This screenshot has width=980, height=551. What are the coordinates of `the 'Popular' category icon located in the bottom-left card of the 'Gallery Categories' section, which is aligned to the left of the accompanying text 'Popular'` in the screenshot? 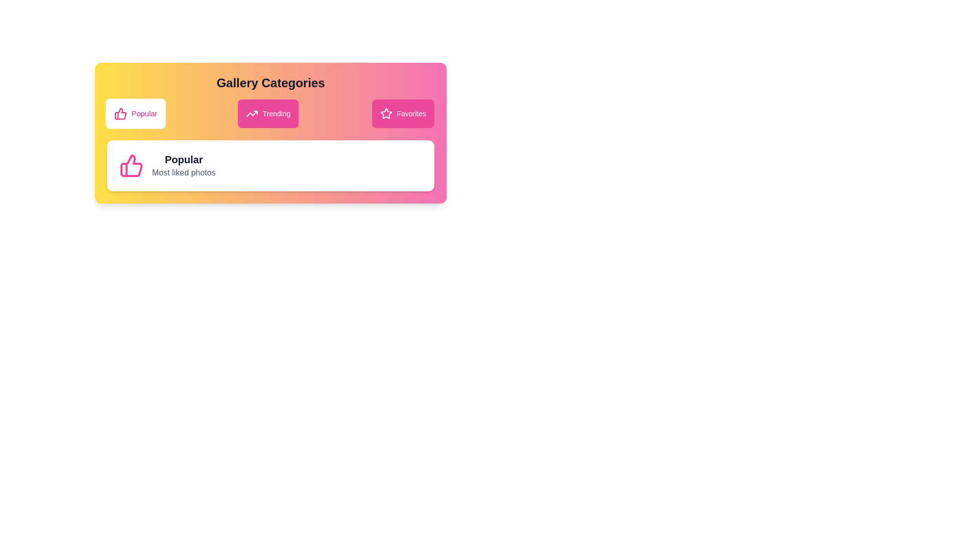 It's located at (120, 114).